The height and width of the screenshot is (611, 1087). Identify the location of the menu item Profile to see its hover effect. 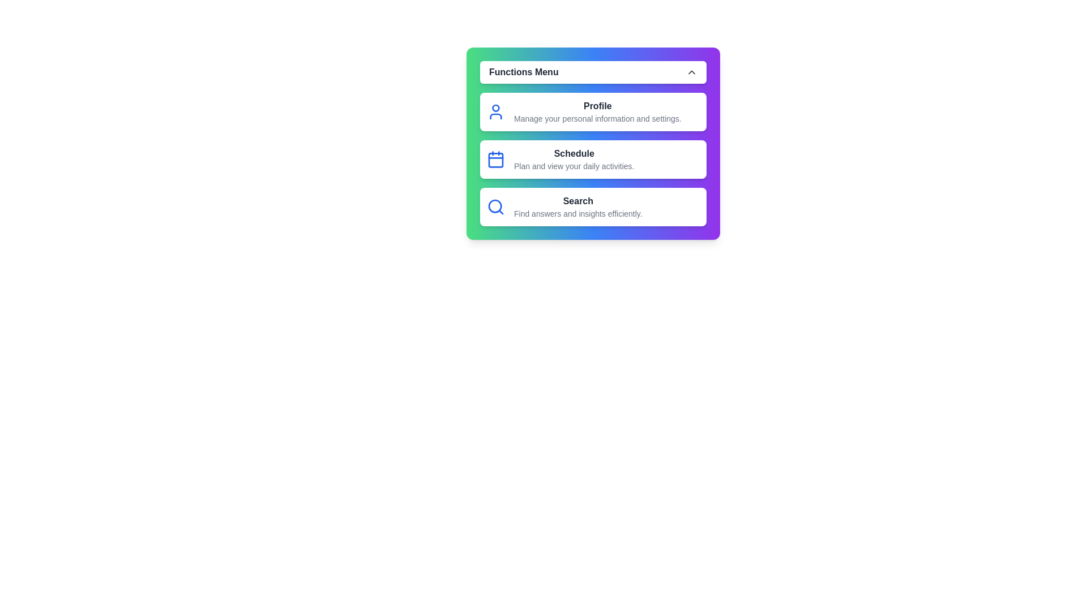
(592, 111).